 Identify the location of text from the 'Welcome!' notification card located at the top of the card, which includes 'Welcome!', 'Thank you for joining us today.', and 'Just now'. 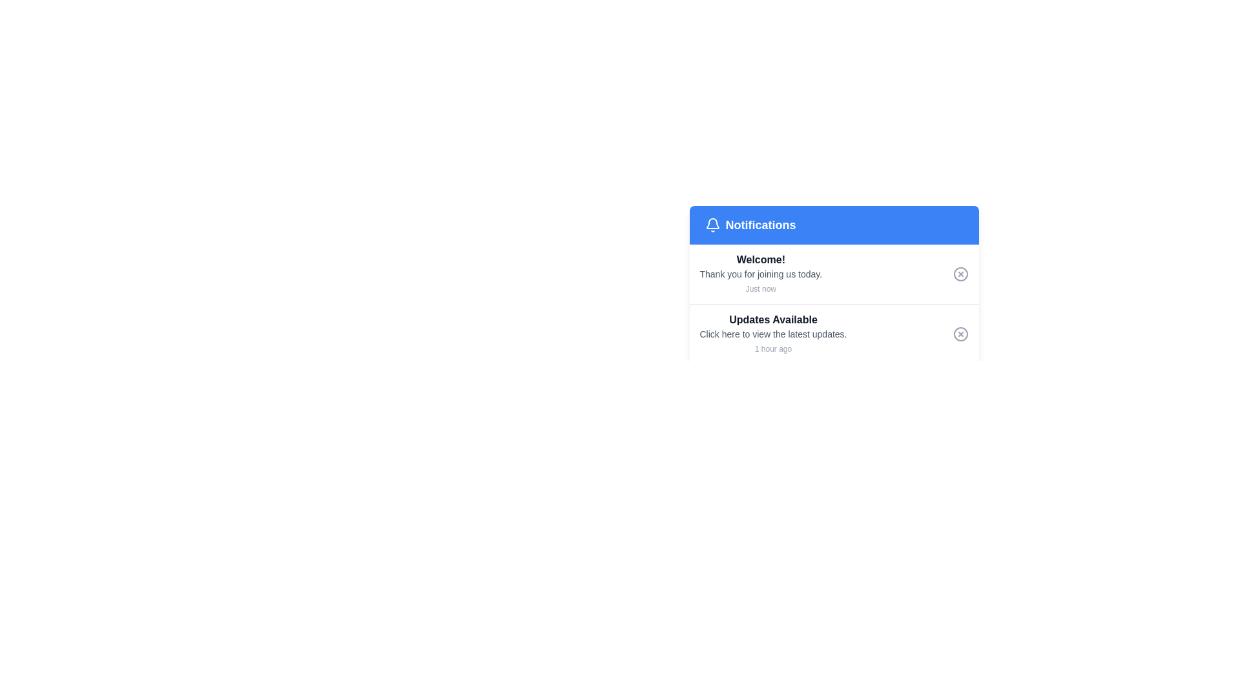
(761, 273).